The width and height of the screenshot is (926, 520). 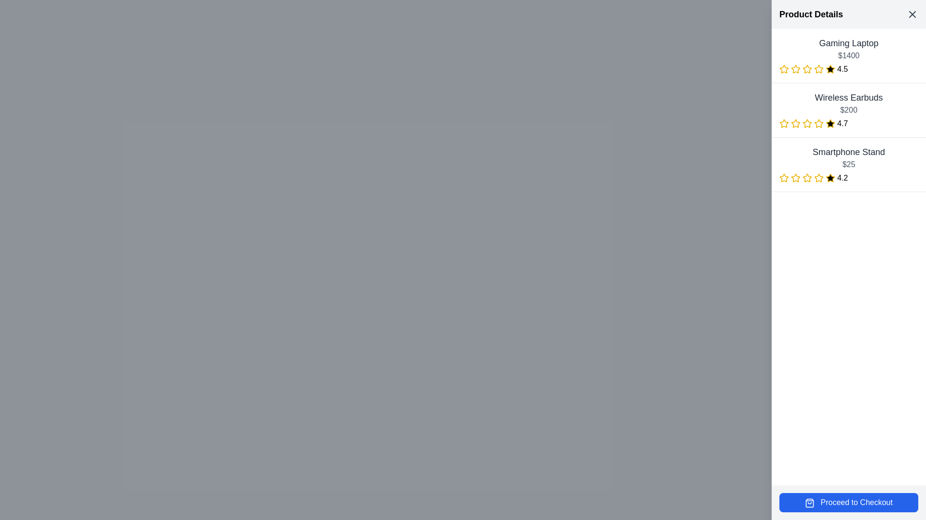 What do you see at coordinates (810, 502) in the screenshot?
I see `the shopping bag icon styled with rounded corners, which is positioned on the left side of the 'Proceed to Checkout' button in the UI` at bounding box center [810, 502].